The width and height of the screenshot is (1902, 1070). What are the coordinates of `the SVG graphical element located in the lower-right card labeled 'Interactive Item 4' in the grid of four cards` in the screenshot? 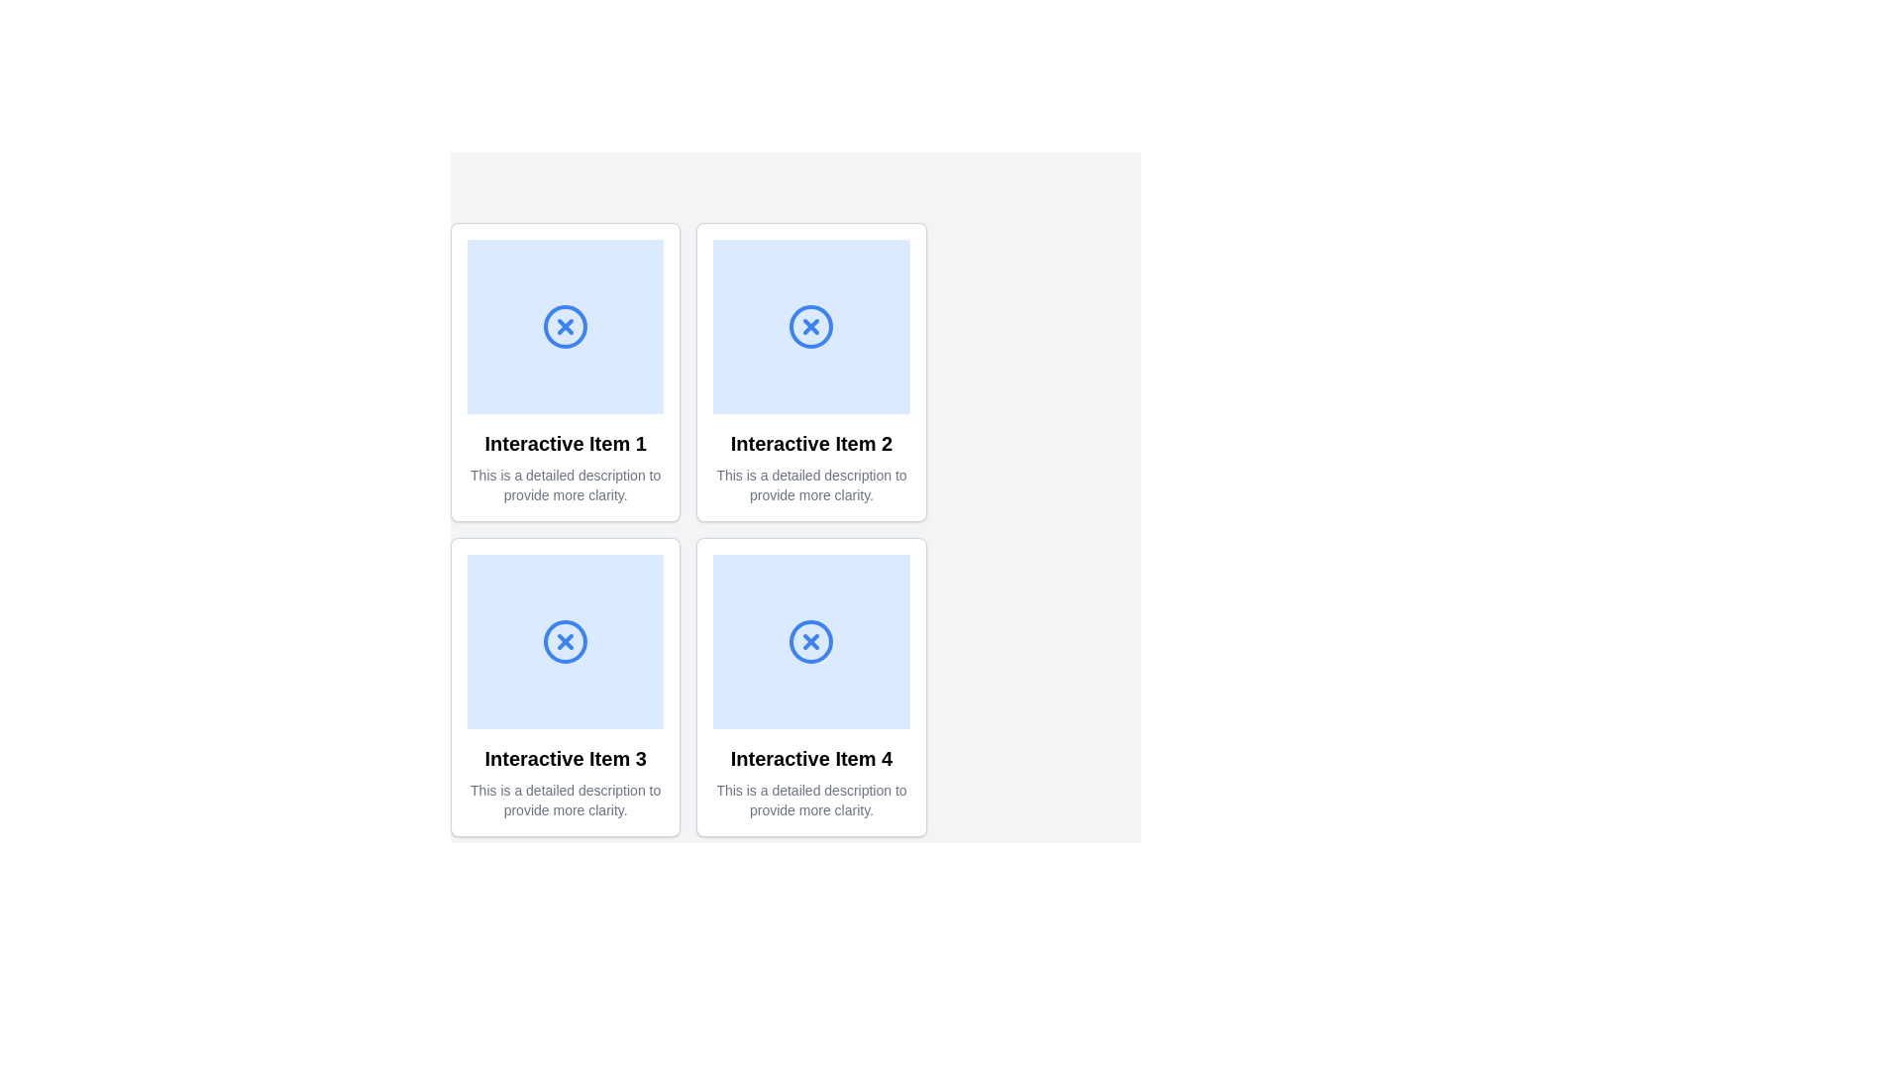 It's located at (811, 642).